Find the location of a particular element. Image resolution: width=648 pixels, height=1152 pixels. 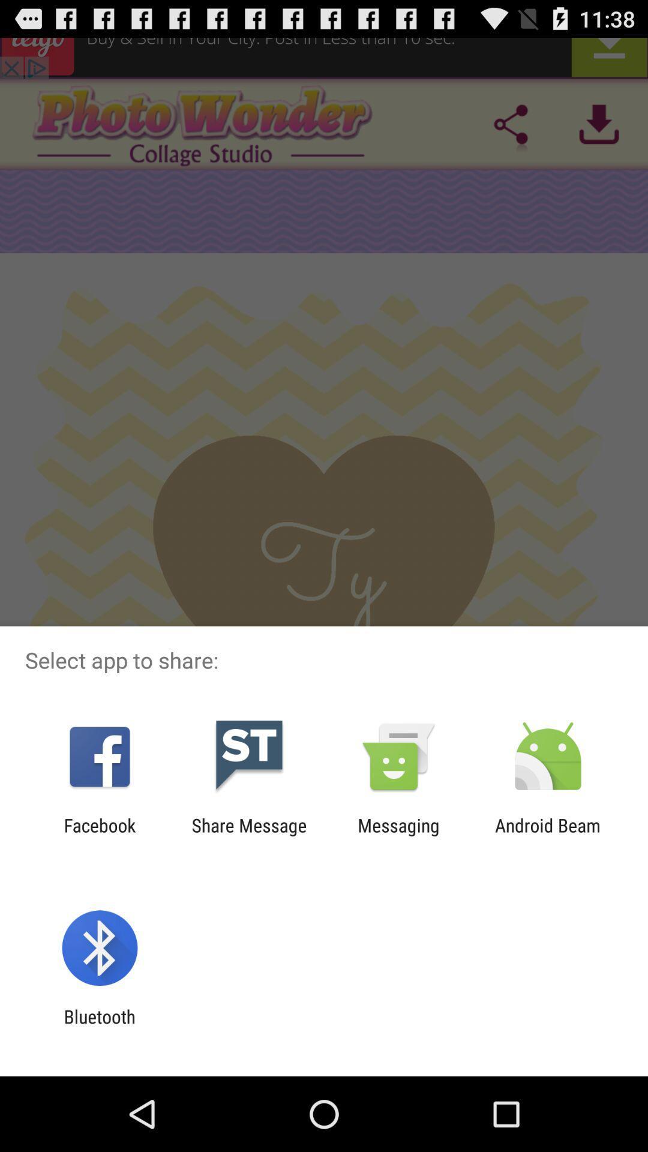

app next to the facebook item is located at coordinates (248, 835).